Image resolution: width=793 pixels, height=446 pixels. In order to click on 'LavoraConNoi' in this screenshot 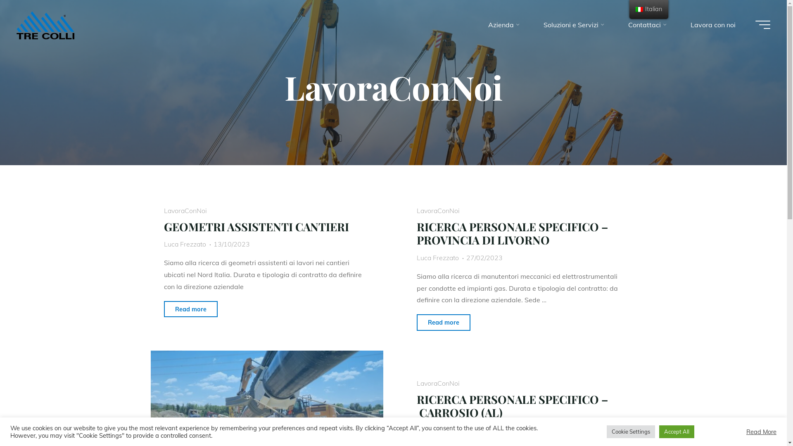, I will do `click(437, 210)`.